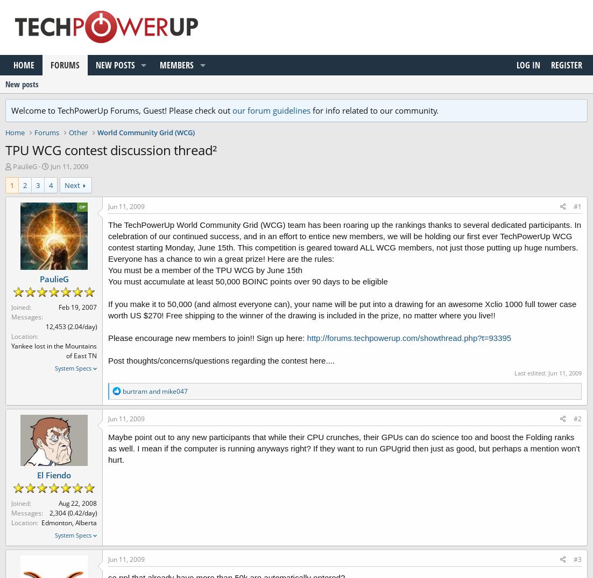 This screenshot has height=578, width=593. Describe the element at coordinates (68, 132) in the screenshot. I see `'Other'` at that location.